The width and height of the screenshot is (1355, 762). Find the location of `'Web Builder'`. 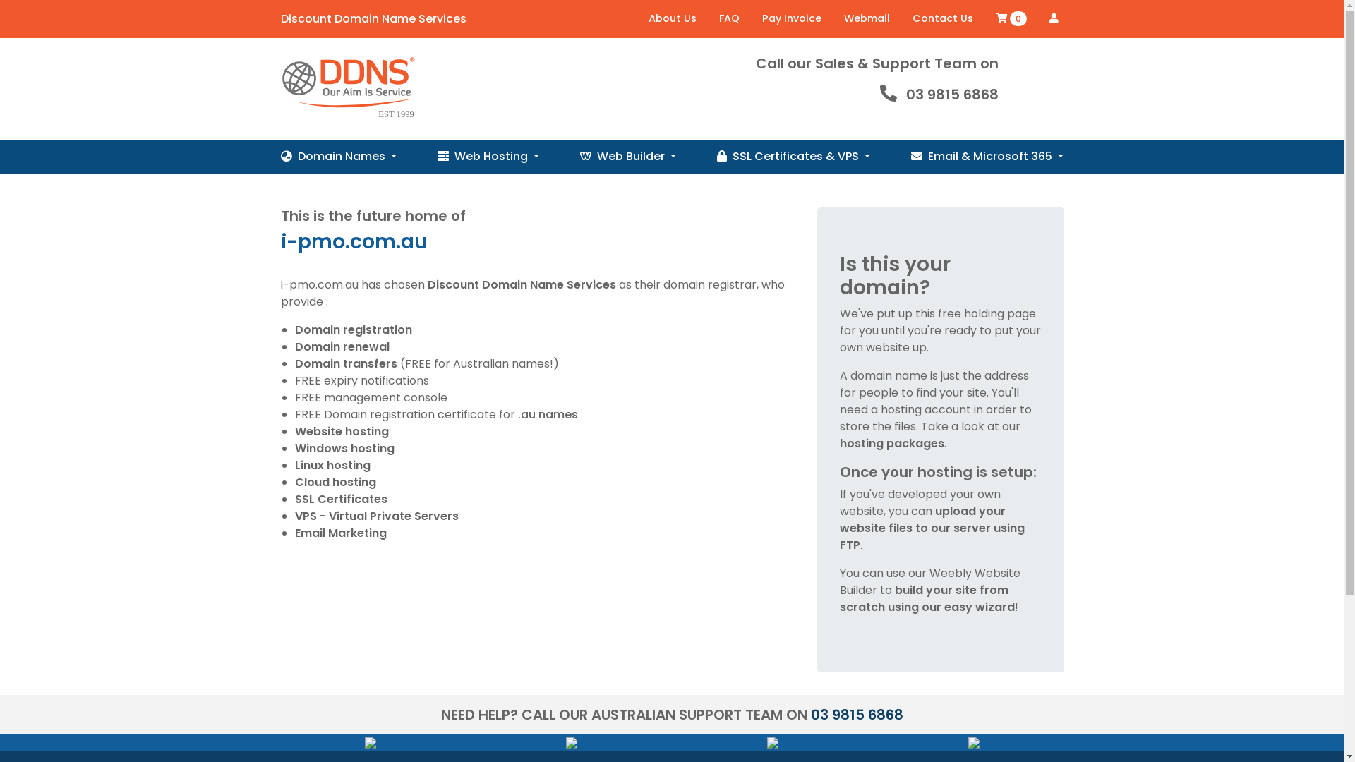

'Web Builder' is located at coordinates (627, 157).